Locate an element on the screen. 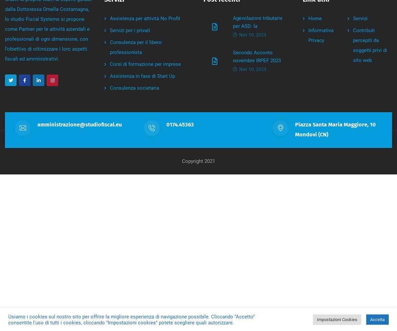 The width and height of the screenshot is (397, 331). 'Assistenza in fase di Start Up' is located at coordinates (110, 76).